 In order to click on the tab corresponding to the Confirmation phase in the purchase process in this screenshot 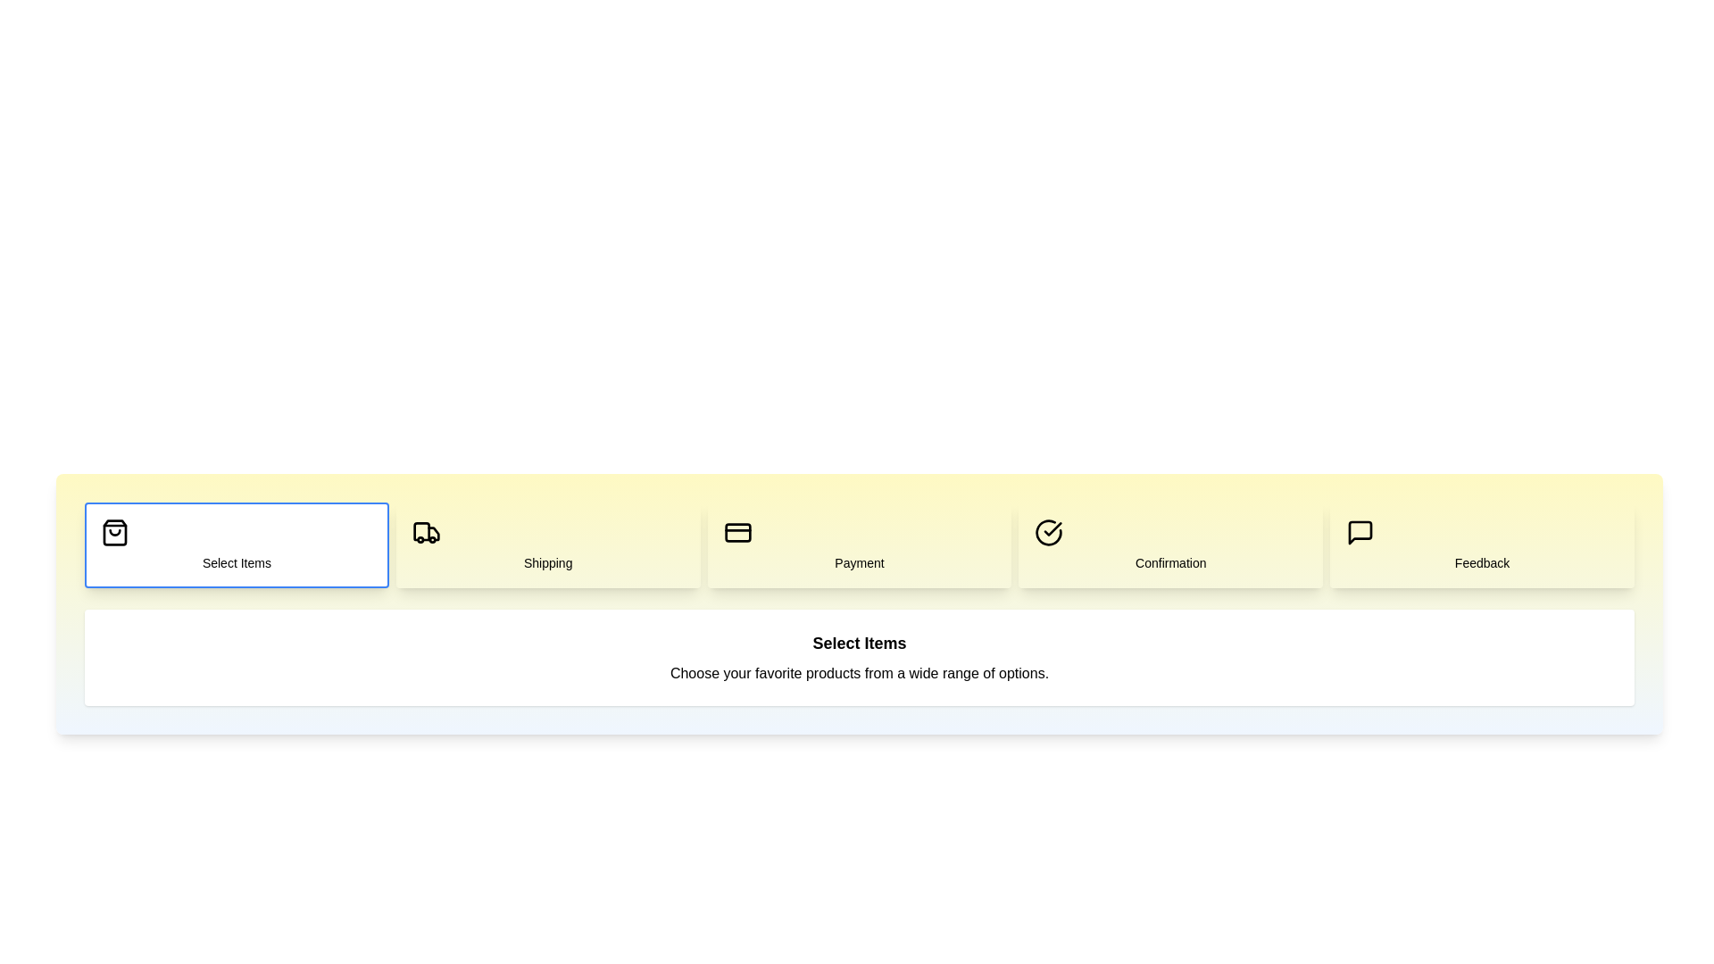, I will do `click(1170, 544)`.